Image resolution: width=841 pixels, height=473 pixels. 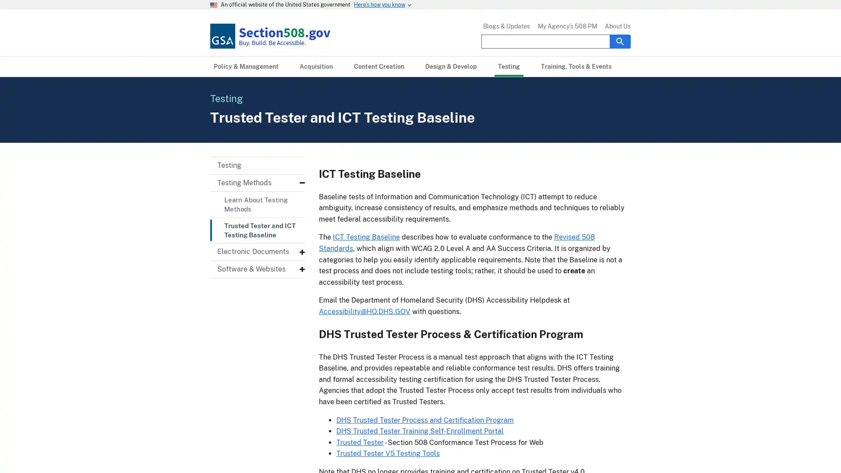 I want to click on Search, so click(x=620, y=41).